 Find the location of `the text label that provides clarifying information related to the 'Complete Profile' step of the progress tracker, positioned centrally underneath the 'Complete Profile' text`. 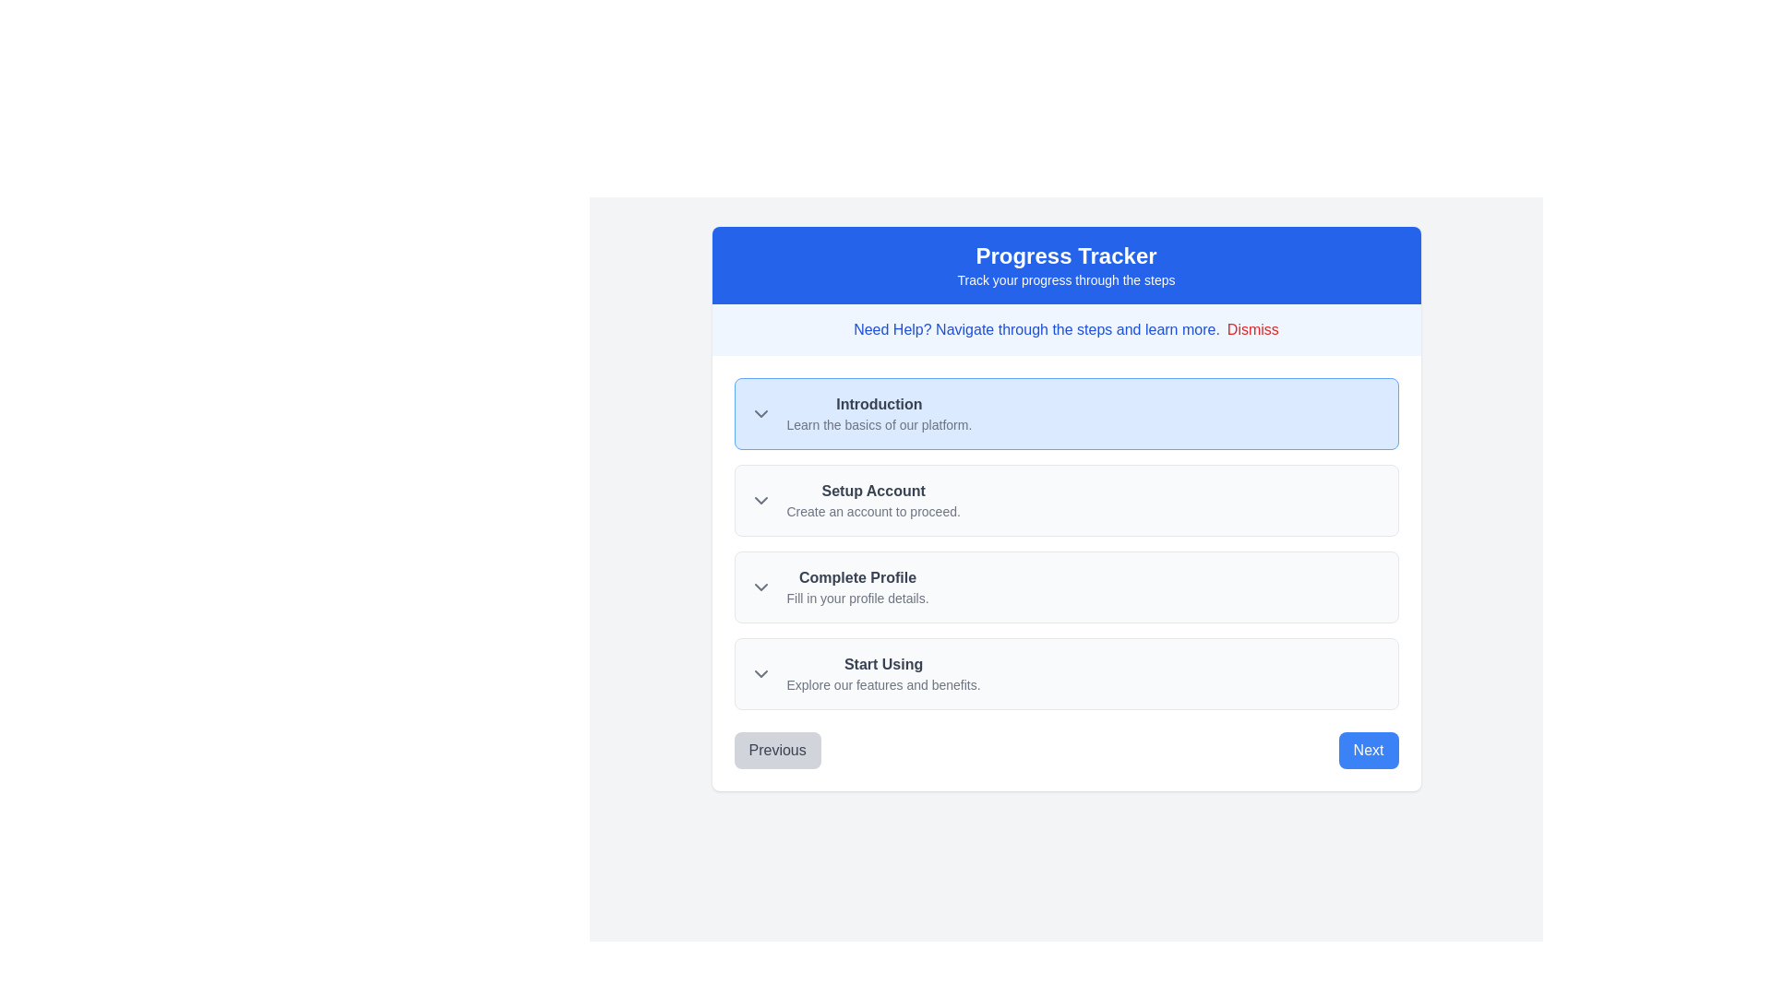

the text label that provides clarifying information related to the 'Complete Profile' step of the progress tracker, positioned centrally underneath the 'Complete Profile' text is located at coordinates (856, 598).